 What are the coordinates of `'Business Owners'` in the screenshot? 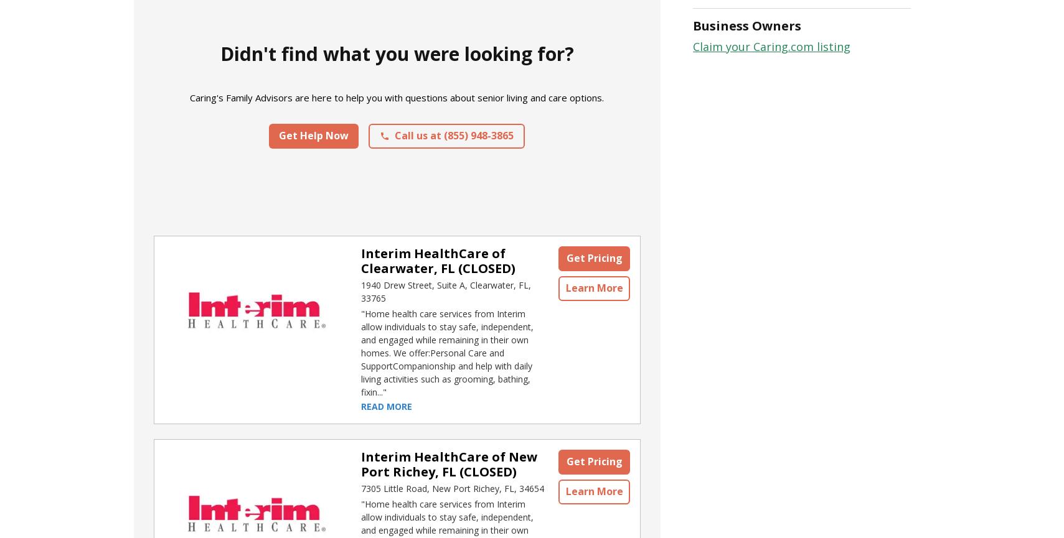 It's located at (747, 26).